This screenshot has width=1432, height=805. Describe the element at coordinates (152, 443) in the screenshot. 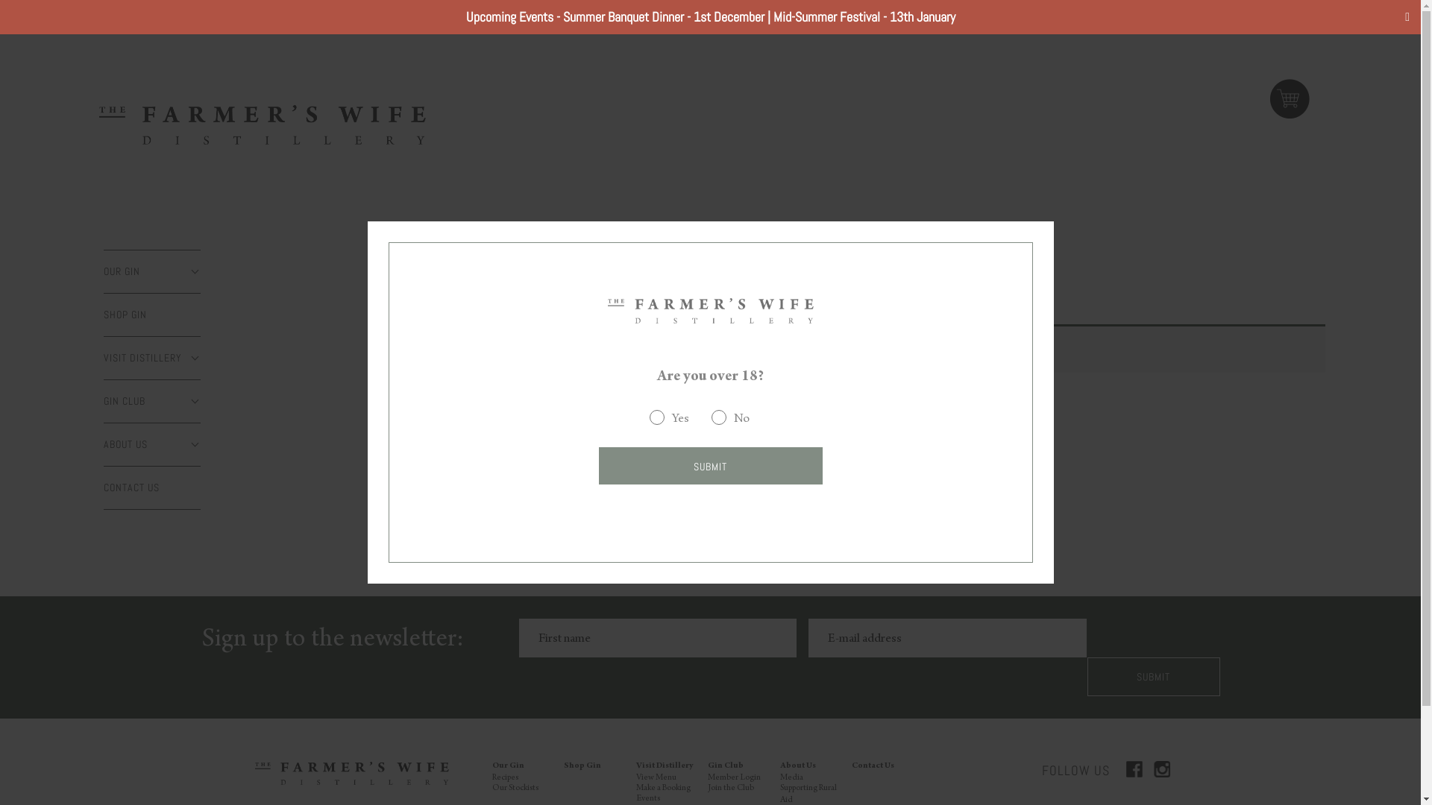

I see `'ABOUT US'` at that location.